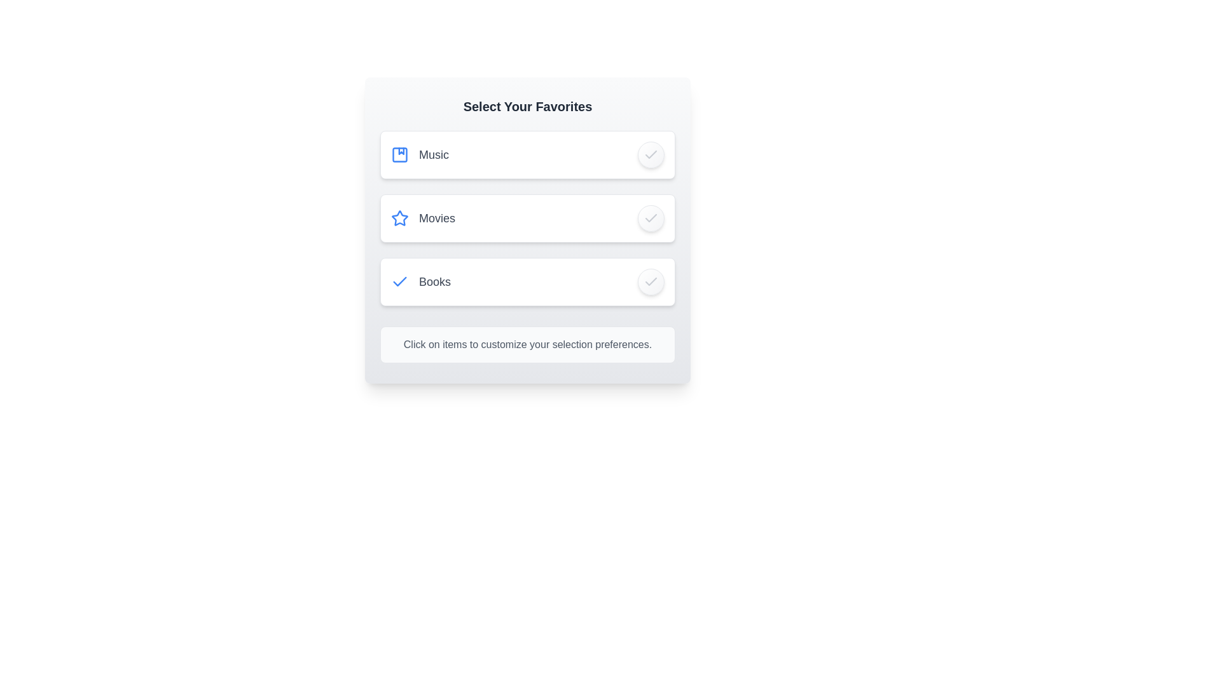 The width and height of the screenshot is (1221, 686). What do you see at coordinates (435, 281) in the screenshot?
I see `text label for the 'Books' selection option, which is identified by its position below 'Music' and 'Movies' and has a blue check icon to its left` at bounding box center [435, 281].